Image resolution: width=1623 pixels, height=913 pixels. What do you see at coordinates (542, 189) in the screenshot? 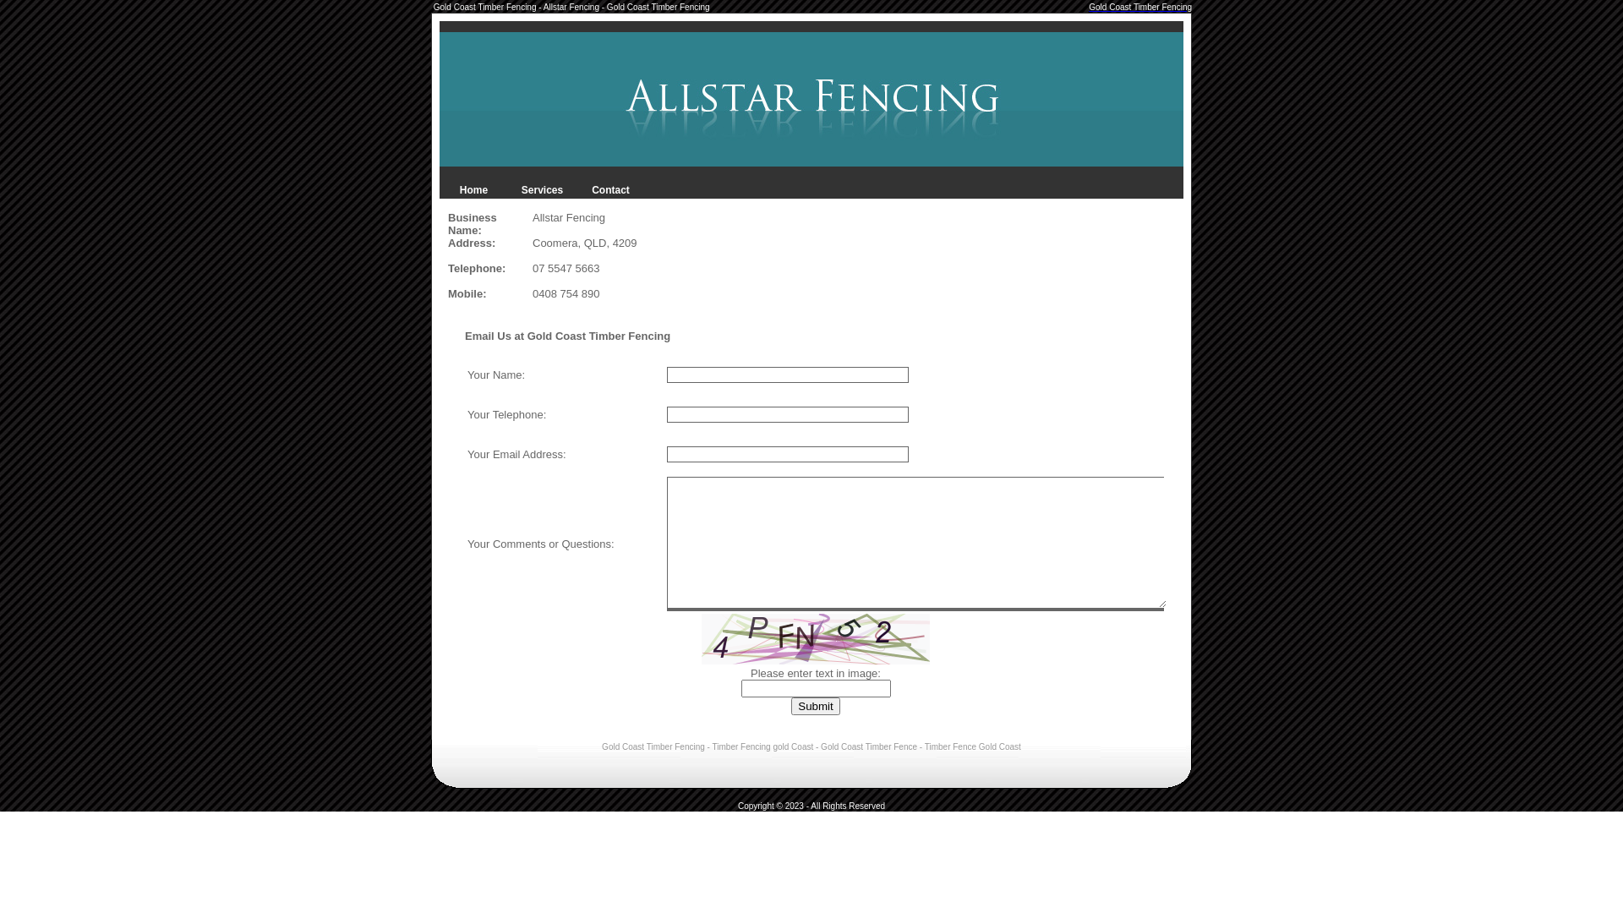
I see `'Services'` at bounding box center [542, 189].